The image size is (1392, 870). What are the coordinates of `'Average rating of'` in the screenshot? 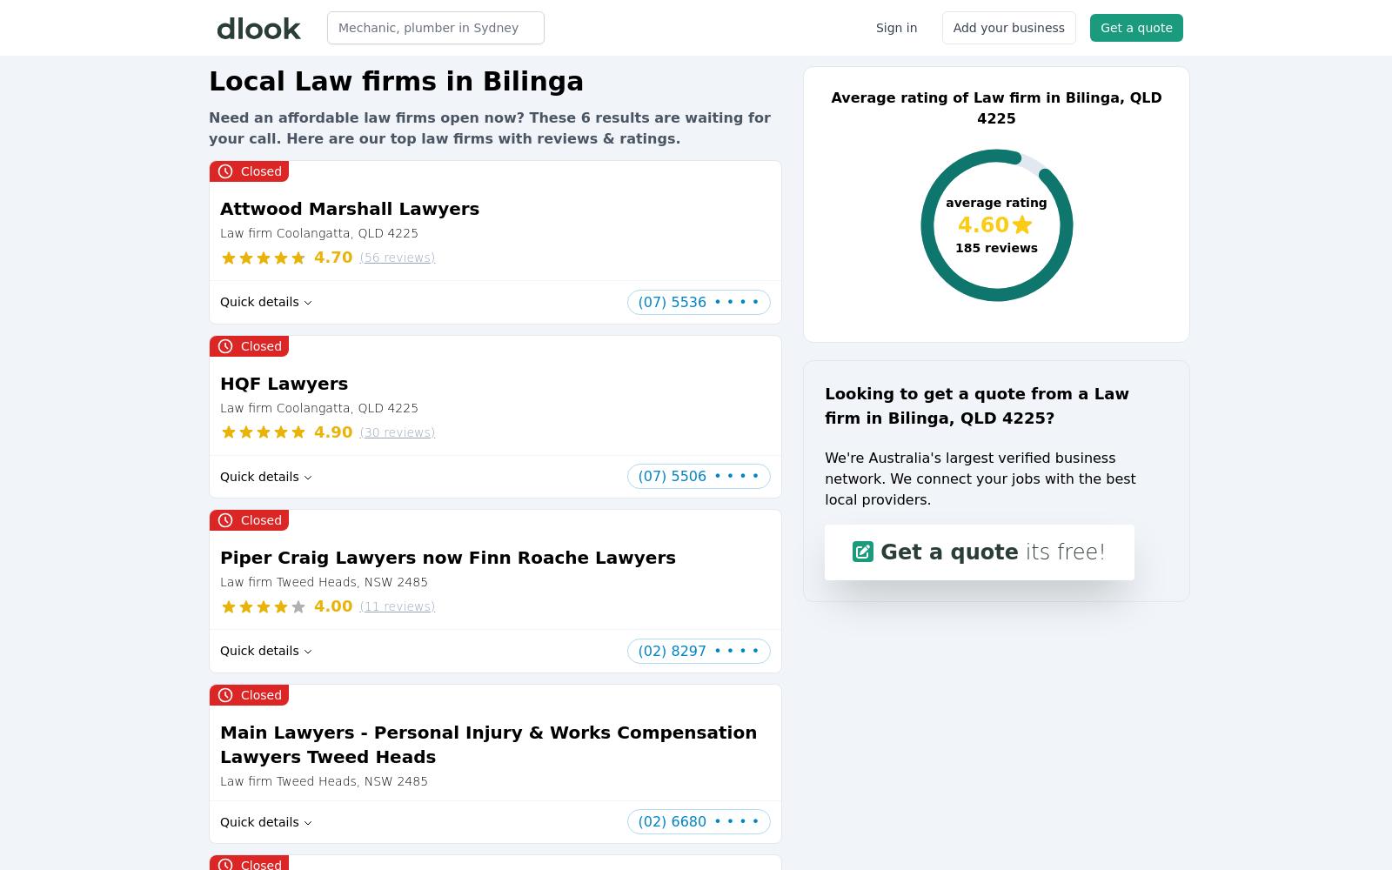 It's located at (901, 97).